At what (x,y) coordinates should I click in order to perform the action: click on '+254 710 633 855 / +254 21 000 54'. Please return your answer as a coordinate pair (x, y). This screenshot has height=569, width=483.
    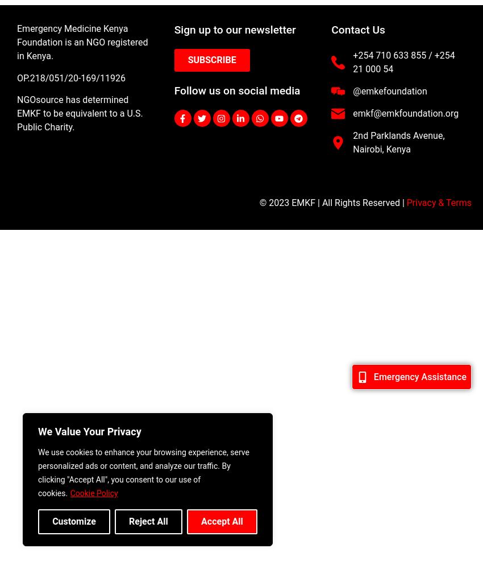
    Looking at the image, I should click on (403, 61).